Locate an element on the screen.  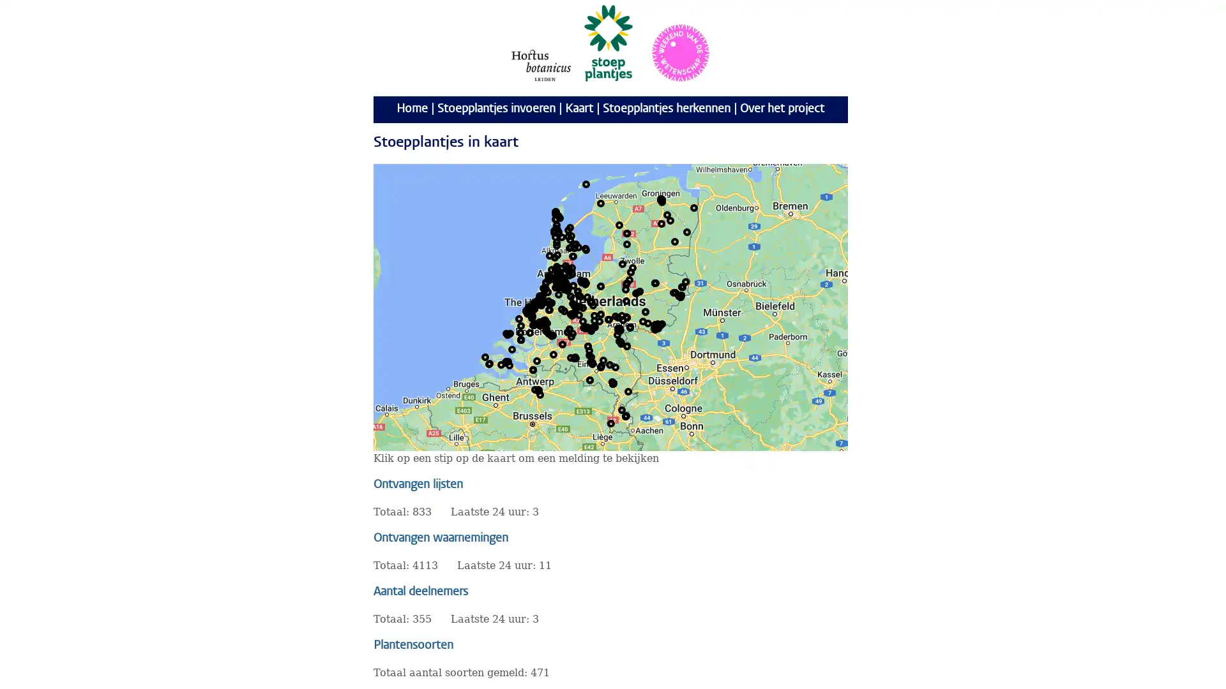
Telling van op 18 mei 2022 is located at coordinates (566, 285).